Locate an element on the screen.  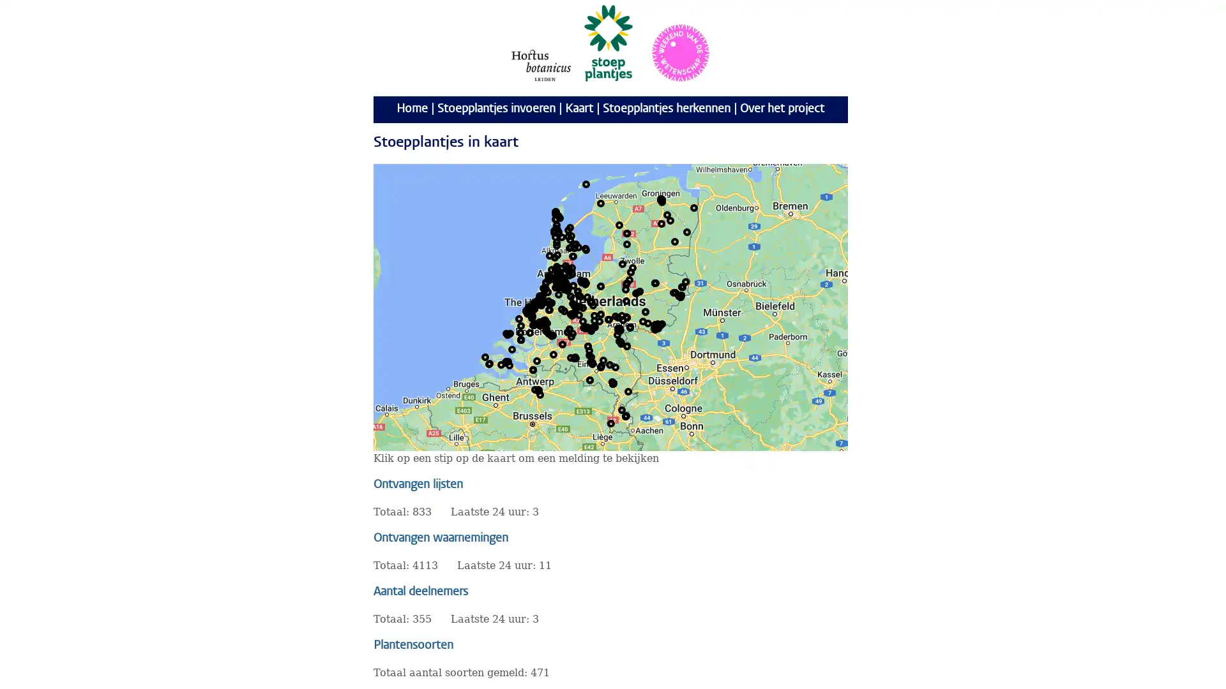
Telling van op 18 mei 2022 is located at coordinates (566, 285).